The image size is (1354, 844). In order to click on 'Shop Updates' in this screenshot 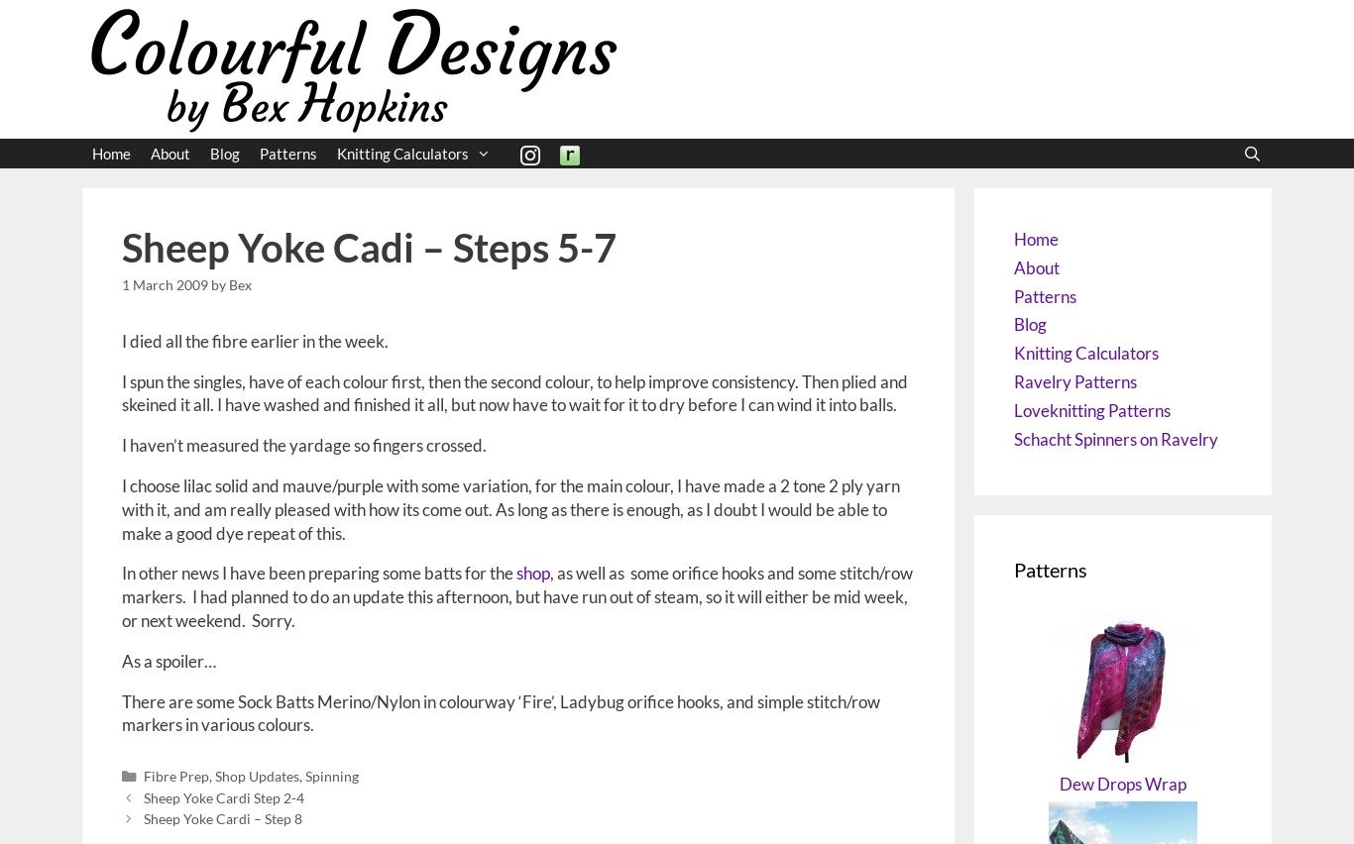, I will do `click(212, 775)`.